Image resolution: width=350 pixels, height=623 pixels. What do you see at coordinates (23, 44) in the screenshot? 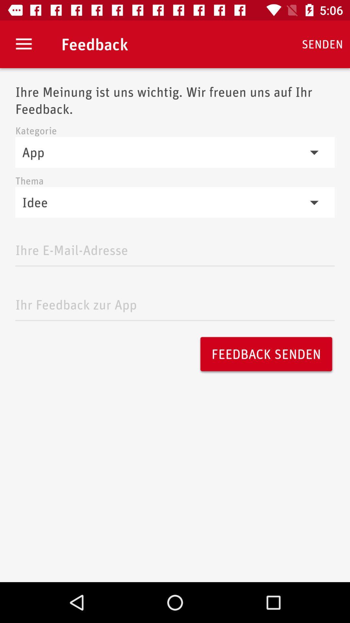
I see `icon to the left of feedback icon` at bounding box center [23, 44].